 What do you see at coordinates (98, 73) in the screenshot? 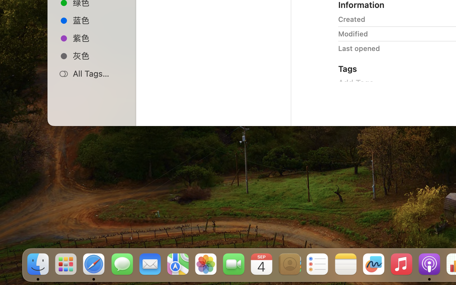
I see `'All Tags…'` at bounding box center [98, 73].